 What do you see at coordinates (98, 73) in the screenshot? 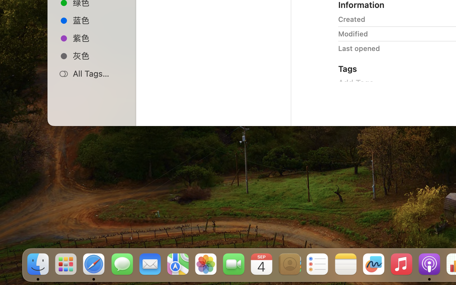
I see `'All Tags…'` at bounding box center [98, 73].